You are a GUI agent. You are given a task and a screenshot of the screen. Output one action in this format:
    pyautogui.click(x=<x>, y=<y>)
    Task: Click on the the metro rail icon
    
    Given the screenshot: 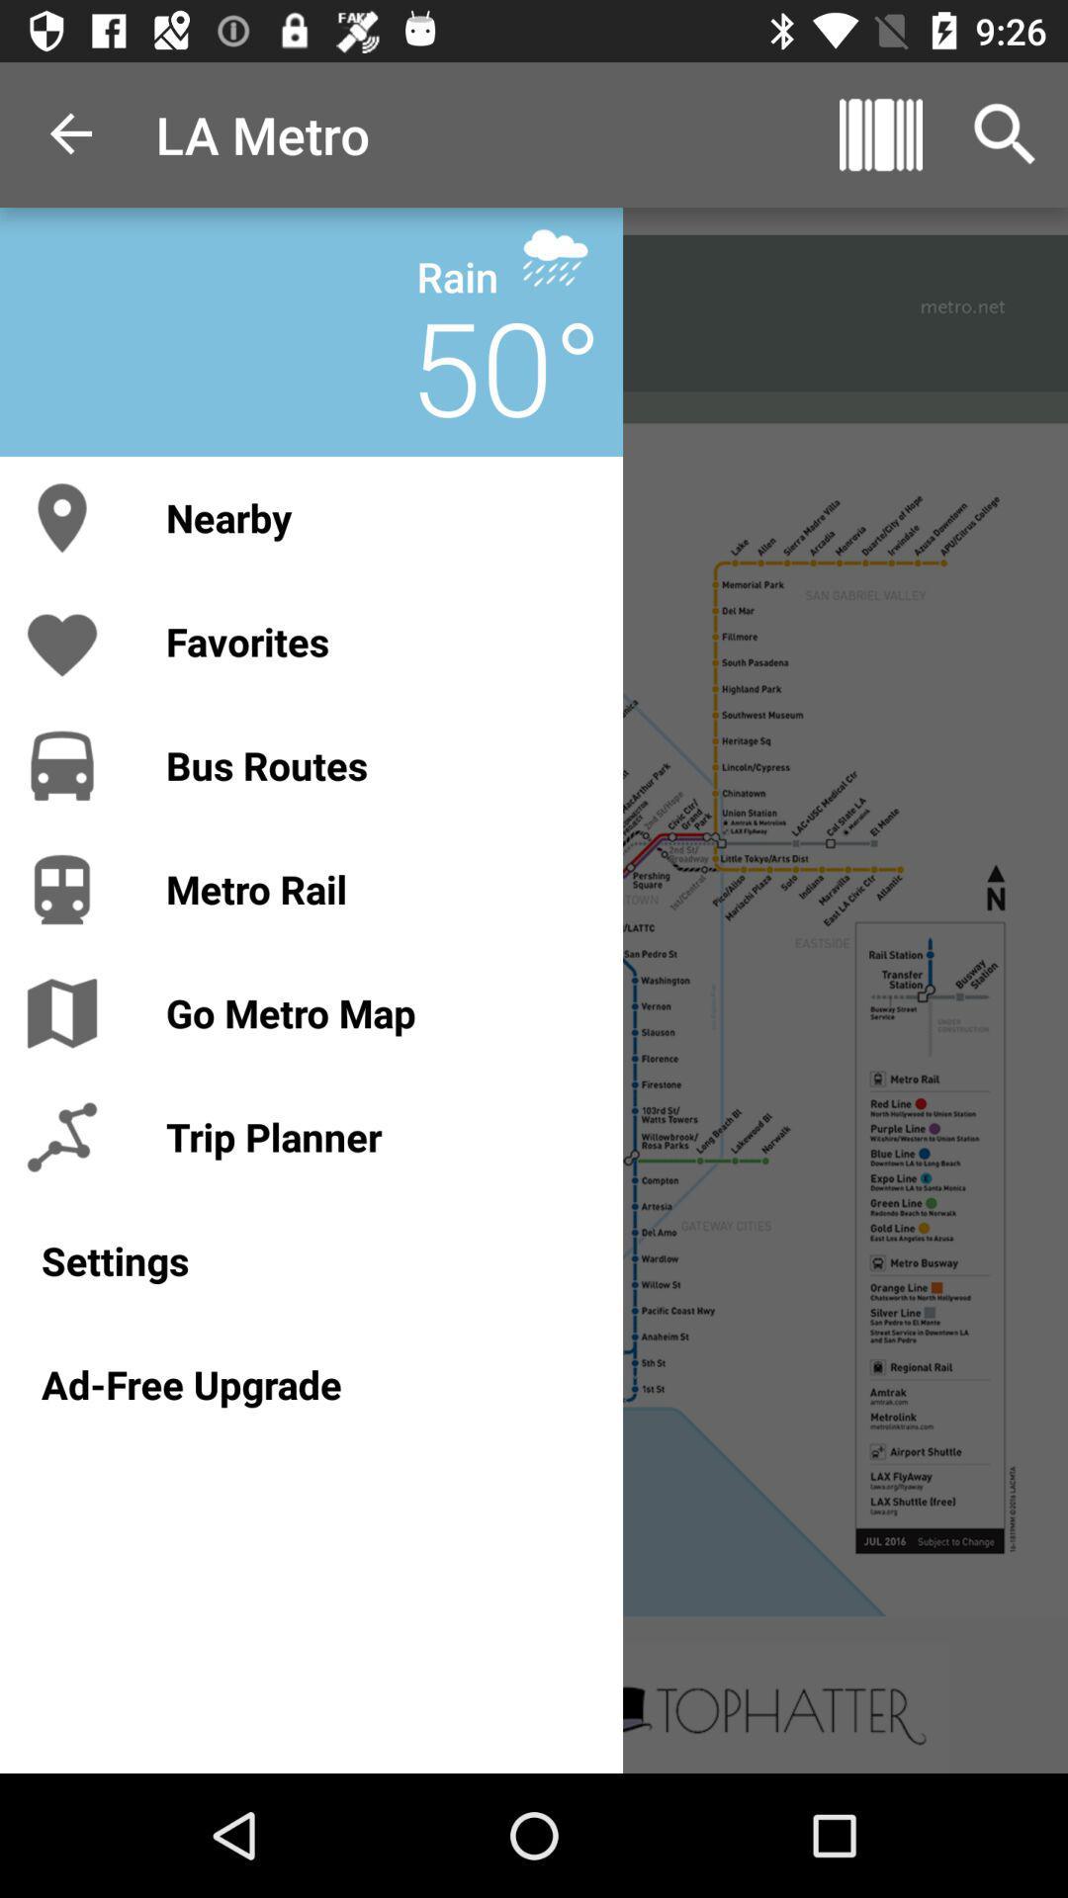 What is the action you would take?
    pyautogui.click(x=374, y=888)
    